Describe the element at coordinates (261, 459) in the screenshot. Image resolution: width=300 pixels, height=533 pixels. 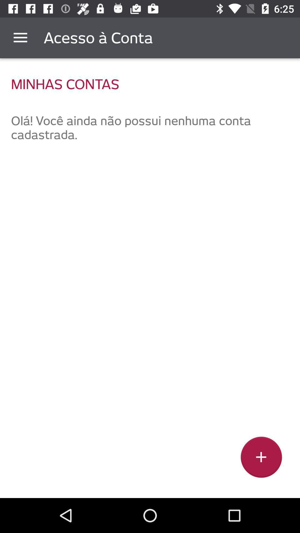
I see `icon at the bottom right corner` at that location.